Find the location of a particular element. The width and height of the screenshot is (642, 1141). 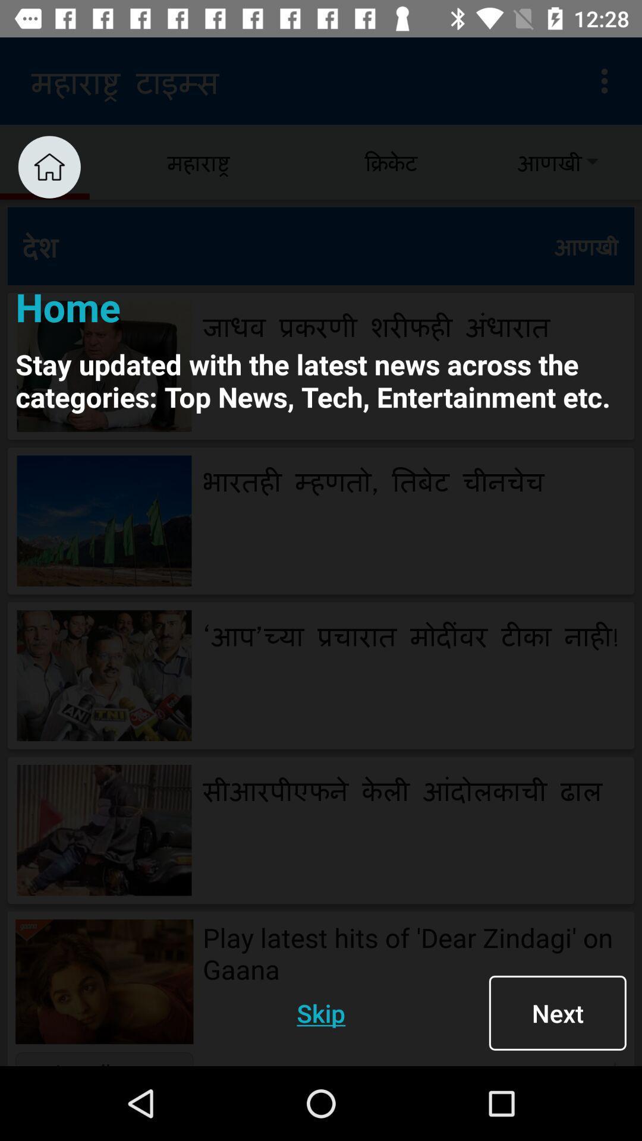

the home icon is located at coordinates (49, 166).